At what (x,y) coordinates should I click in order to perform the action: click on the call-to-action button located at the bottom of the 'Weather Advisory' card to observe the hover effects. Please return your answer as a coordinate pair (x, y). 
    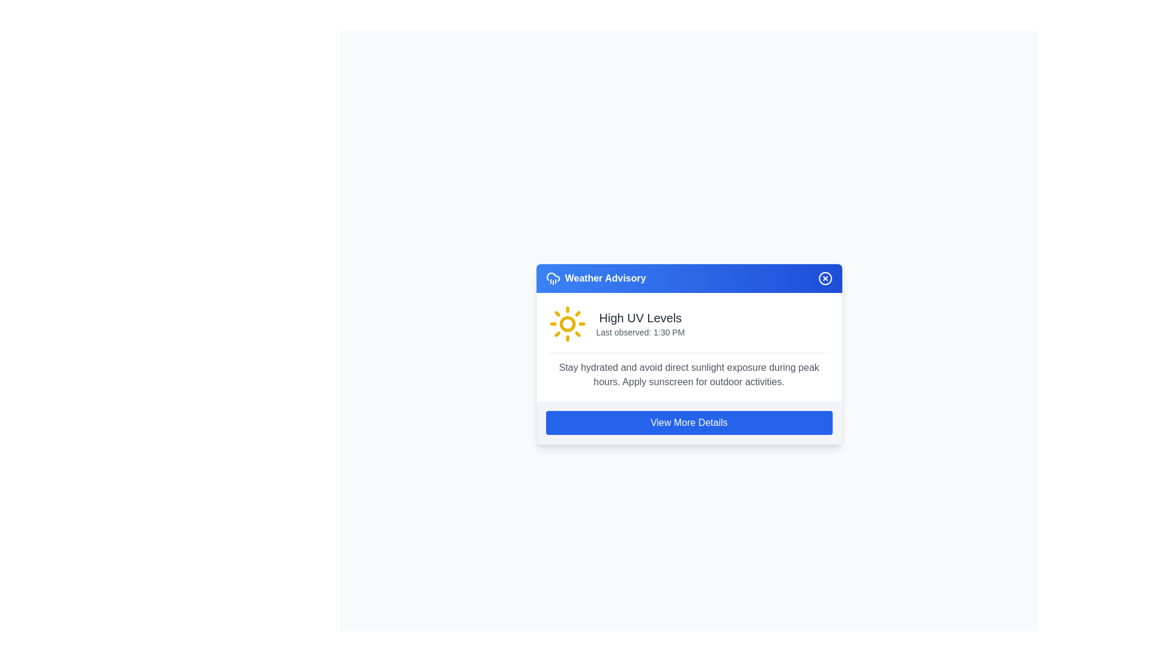
    Looking at the image, I should click on (689, 422).